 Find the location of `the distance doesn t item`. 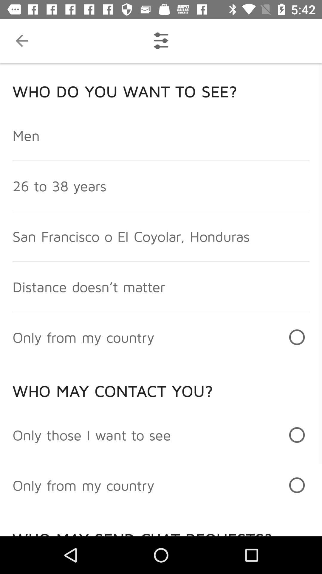

the distance doesn t item is located at coordinates (89, 286).